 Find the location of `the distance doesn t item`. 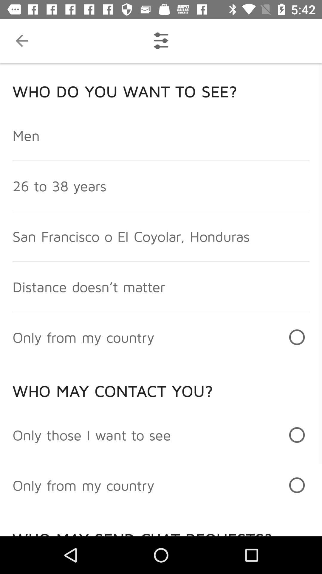

the distance doesn t item is located at coordinates (89, 286).